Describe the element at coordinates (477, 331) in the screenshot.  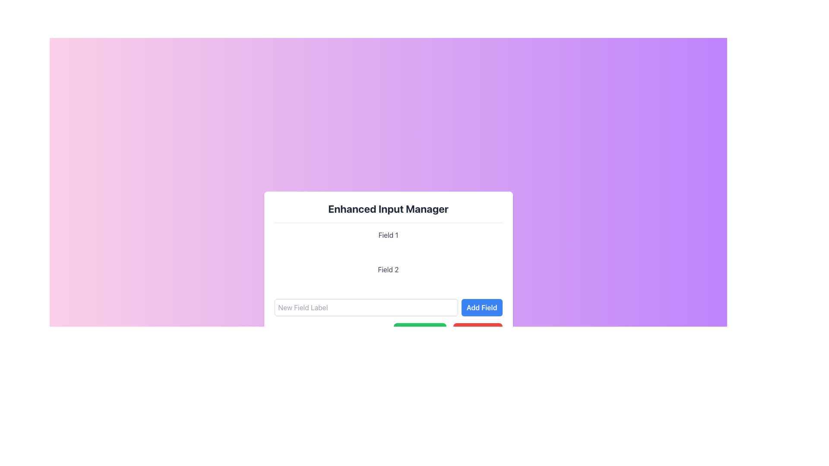
I see `the cancel button located at the bottom right of the action buttons row for keyboard interaction` at that location.